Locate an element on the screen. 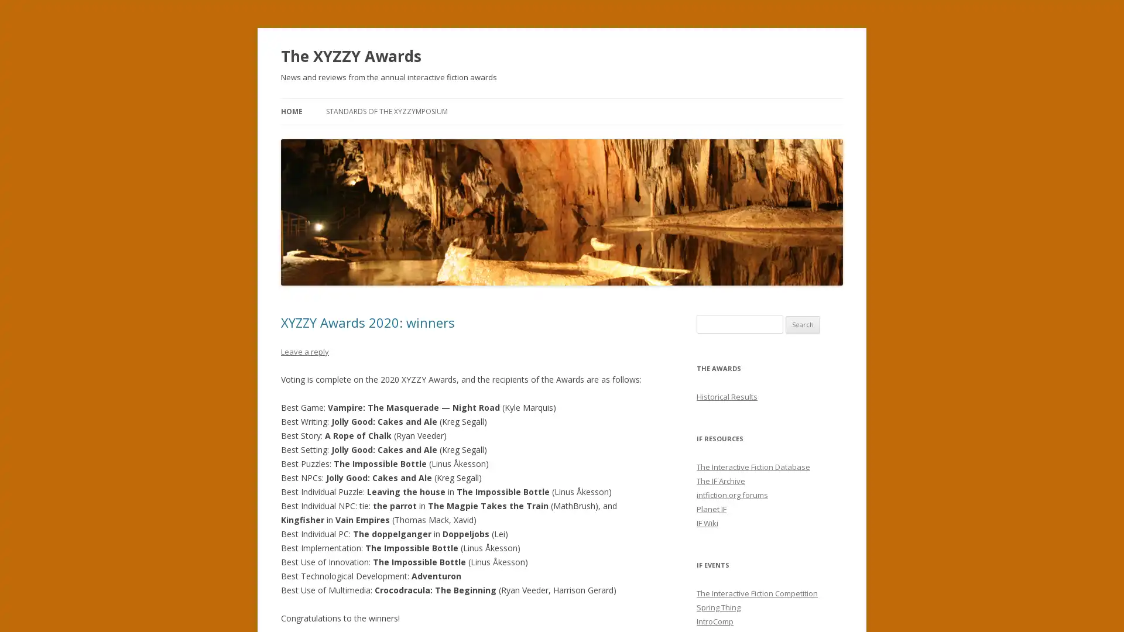 This screenshot has height=632, width=1124. Search is located at coordinates (802, 325).